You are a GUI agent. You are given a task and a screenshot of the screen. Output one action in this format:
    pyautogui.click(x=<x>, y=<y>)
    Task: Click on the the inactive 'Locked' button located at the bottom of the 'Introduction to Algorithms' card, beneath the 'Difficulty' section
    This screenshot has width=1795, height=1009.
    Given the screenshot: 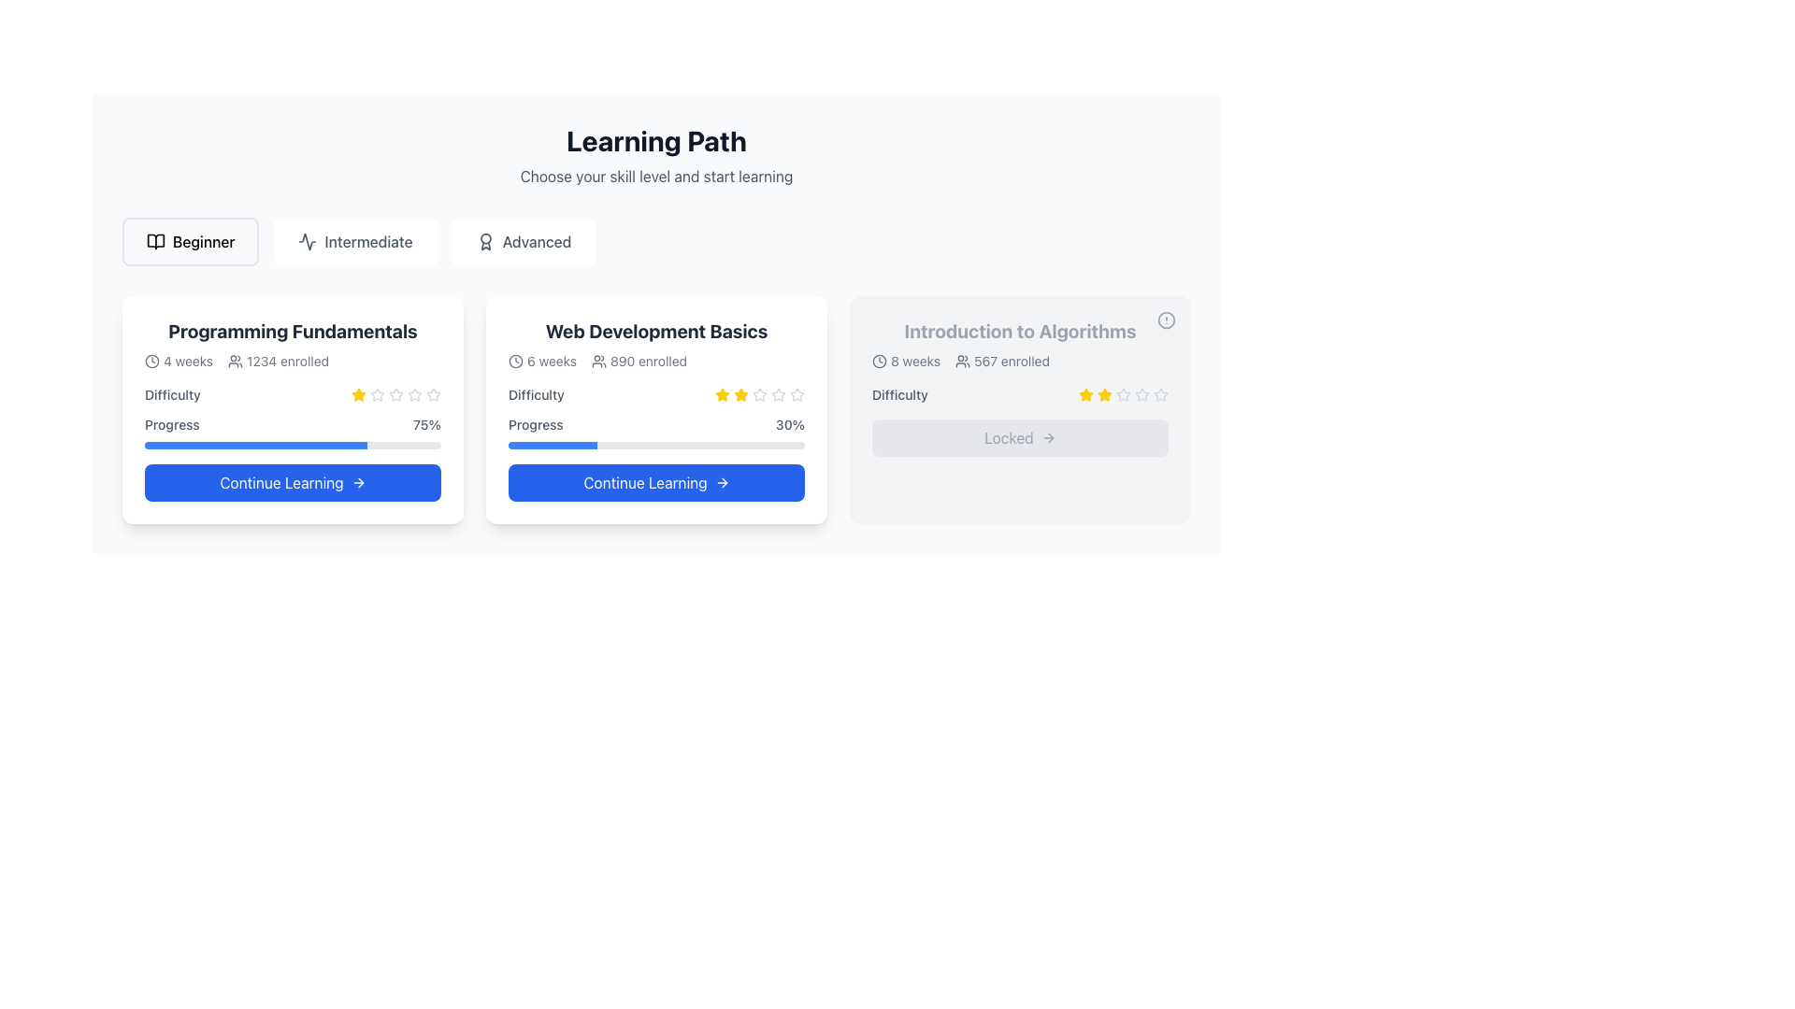 What is the action you would take?
    pyautogui.click(x=1019, y=438)
    